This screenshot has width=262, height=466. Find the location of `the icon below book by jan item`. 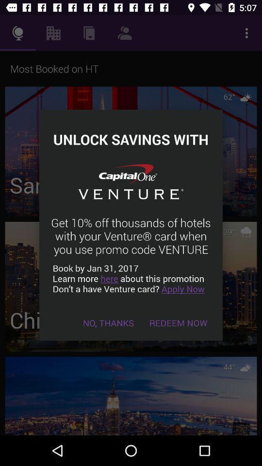

the icon below book by jan item is located at coordinates (108, 323).